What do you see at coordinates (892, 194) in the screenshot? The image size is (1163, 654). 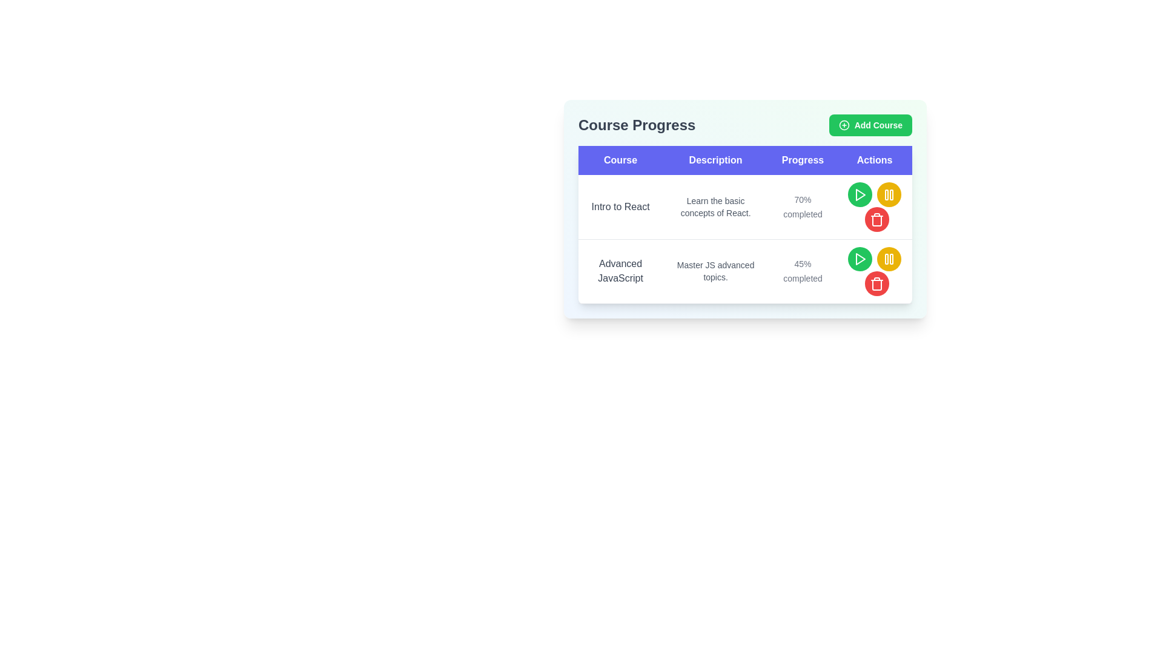 I see `the right segment of the Pause button, represented by the right vertical bar of the pause icon in the 'Actions' column of the 'Course Progress' table` at bounding box center [892, 194].